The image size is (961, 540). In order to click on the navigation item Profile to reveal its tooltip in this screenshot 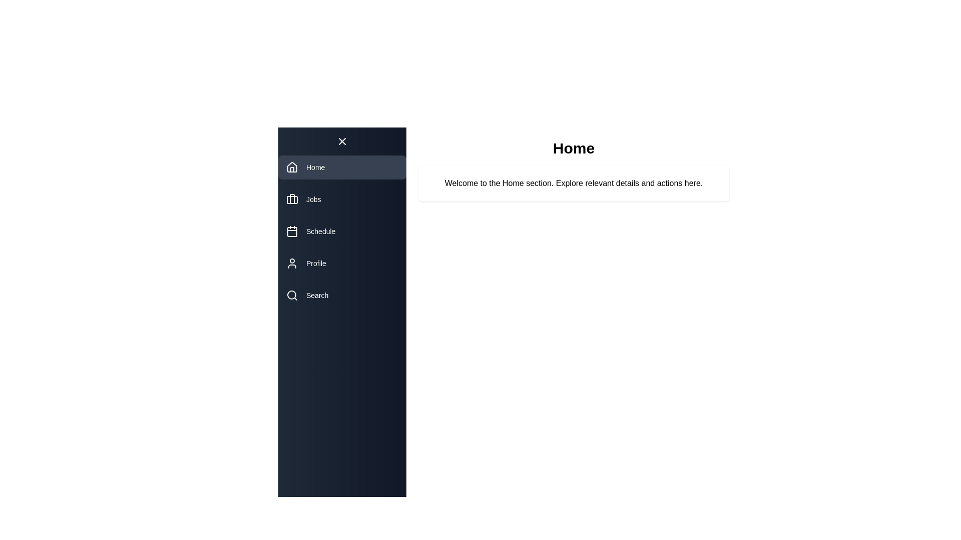, I will do `click(342, 263)`.